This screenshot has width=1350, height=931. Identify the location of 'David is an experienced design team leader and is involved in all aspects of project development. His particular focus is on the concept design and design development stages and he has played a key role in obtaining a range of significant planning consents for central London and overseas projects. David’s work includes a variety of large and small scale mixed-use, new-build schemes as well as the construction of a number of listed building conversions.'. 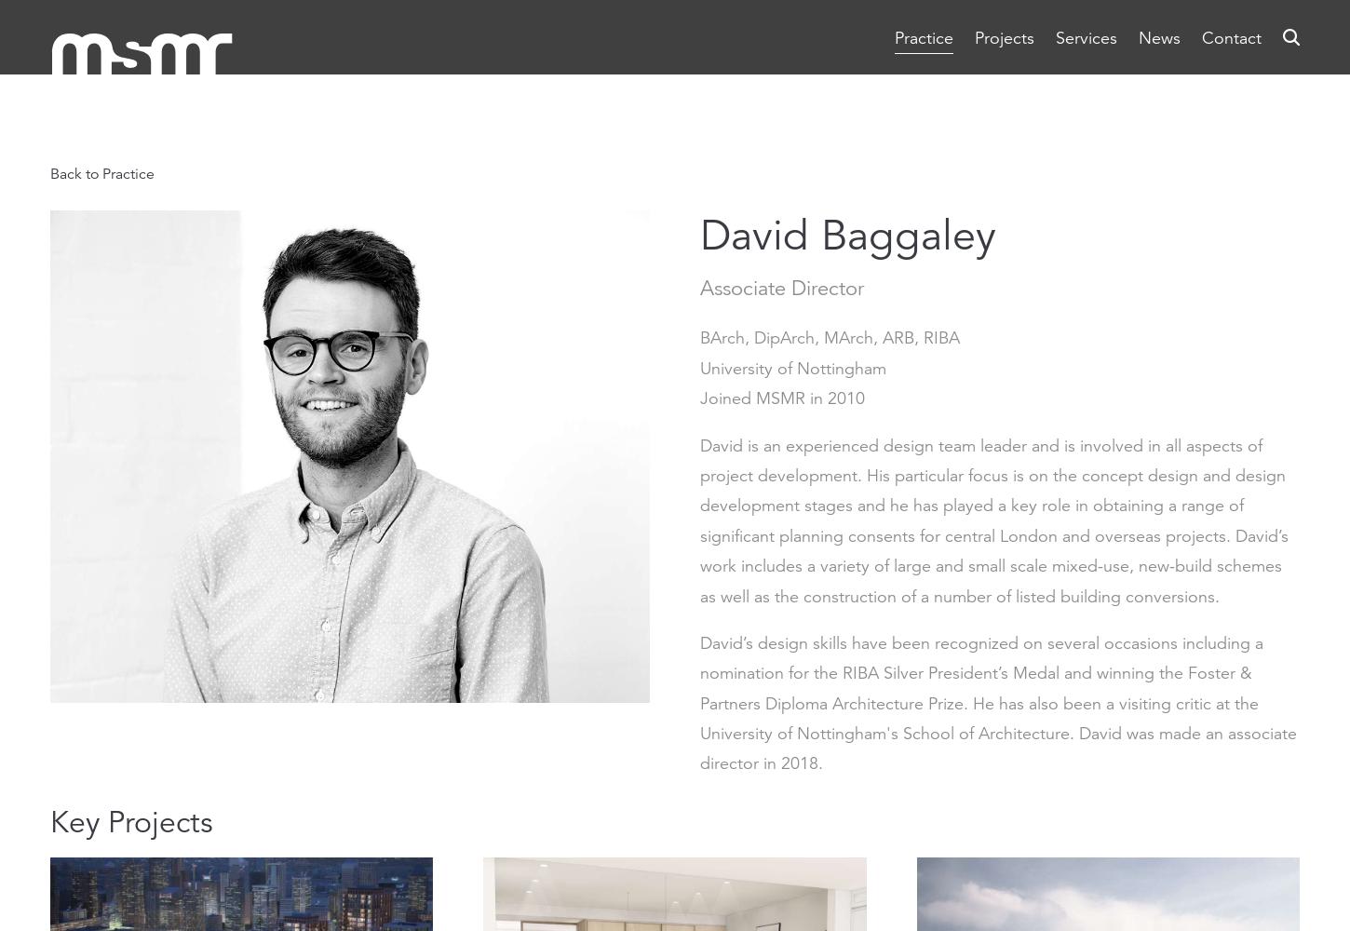
(994, 520).